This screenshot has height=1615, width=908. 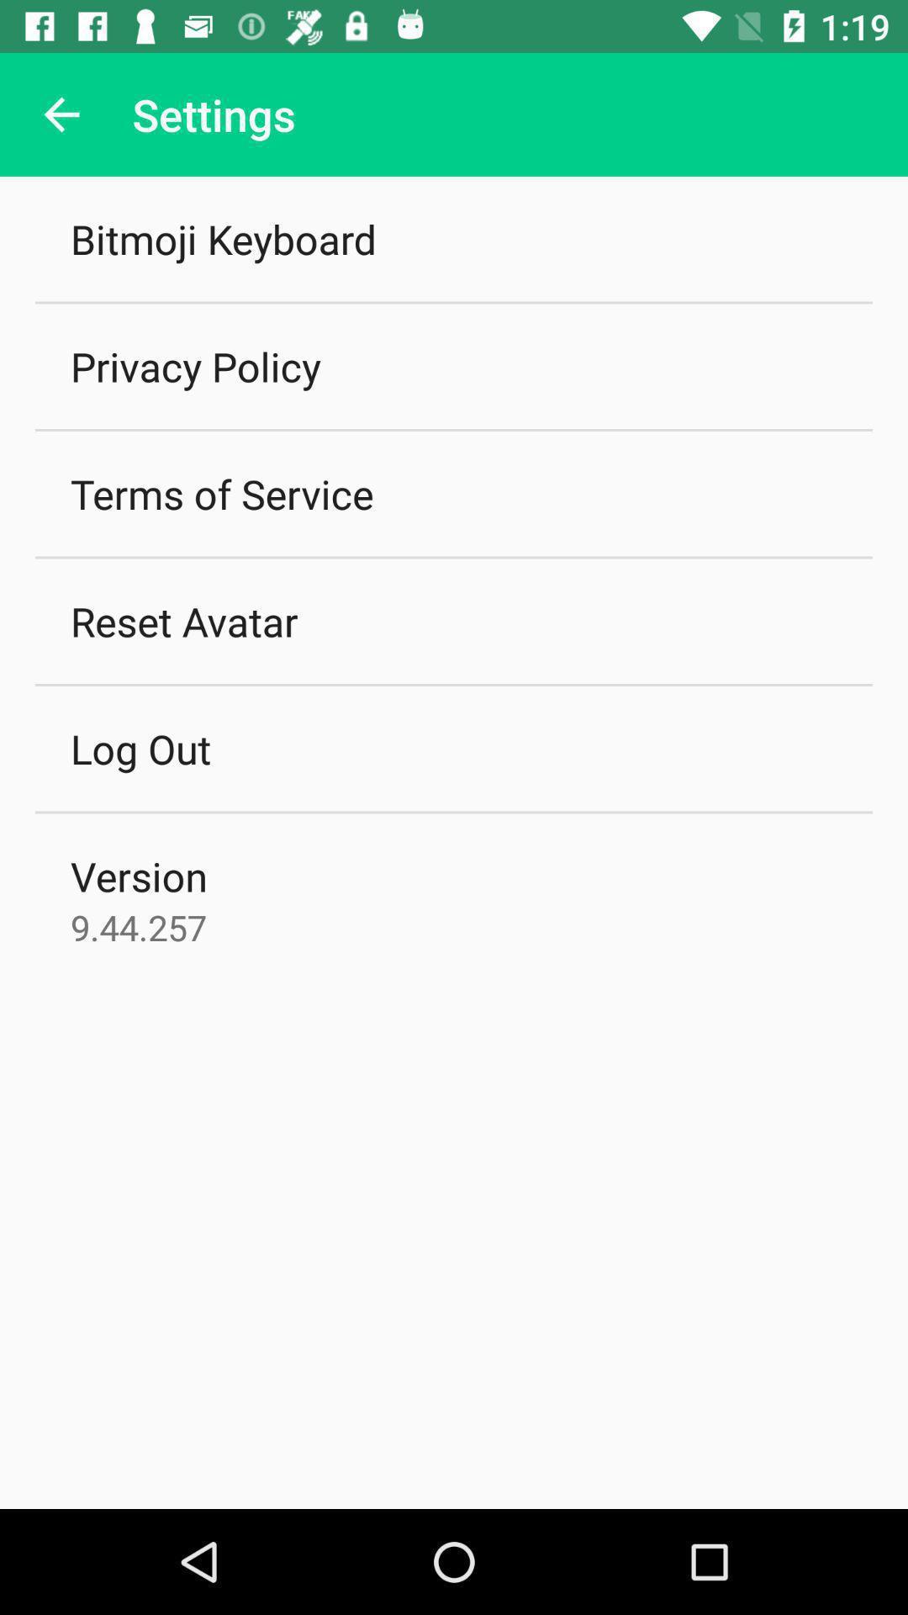 I want to click on the icon to the left of settings icon, so click(x=61, y=114).